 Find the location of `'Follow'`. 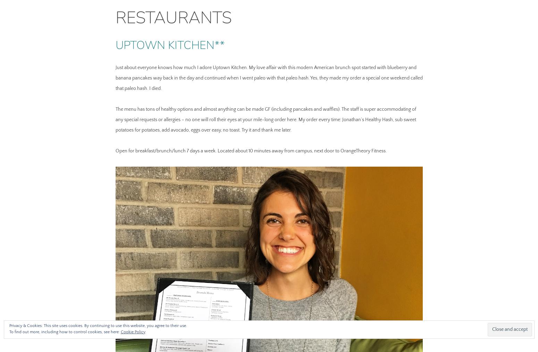

'Follow' is located at coordinates (509, 333).